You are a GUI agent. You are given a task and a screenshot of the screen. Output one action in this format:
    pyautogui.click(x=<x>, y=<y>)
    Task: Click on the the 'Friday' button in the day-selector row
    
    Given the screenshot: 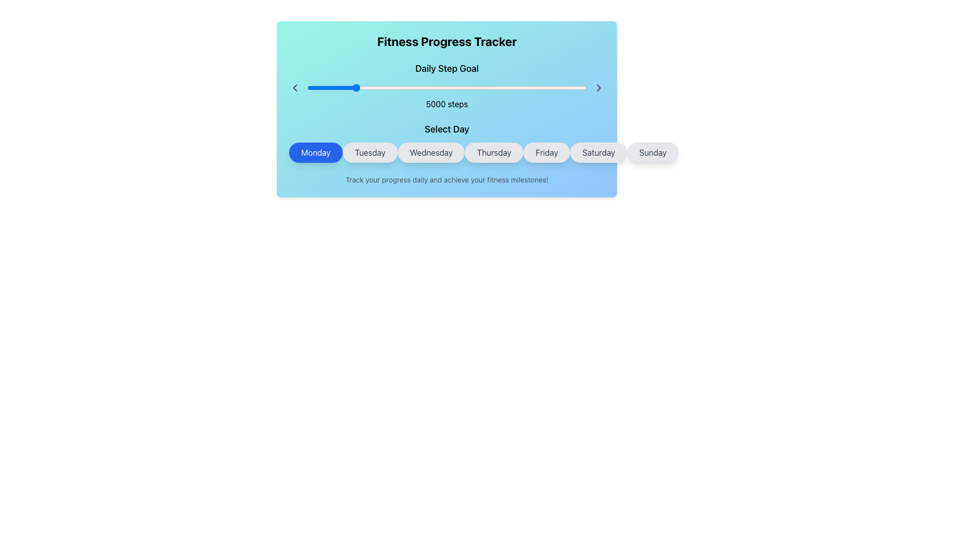 What is the action you would take?
    pyautogui.click(x=546, y=152)
    